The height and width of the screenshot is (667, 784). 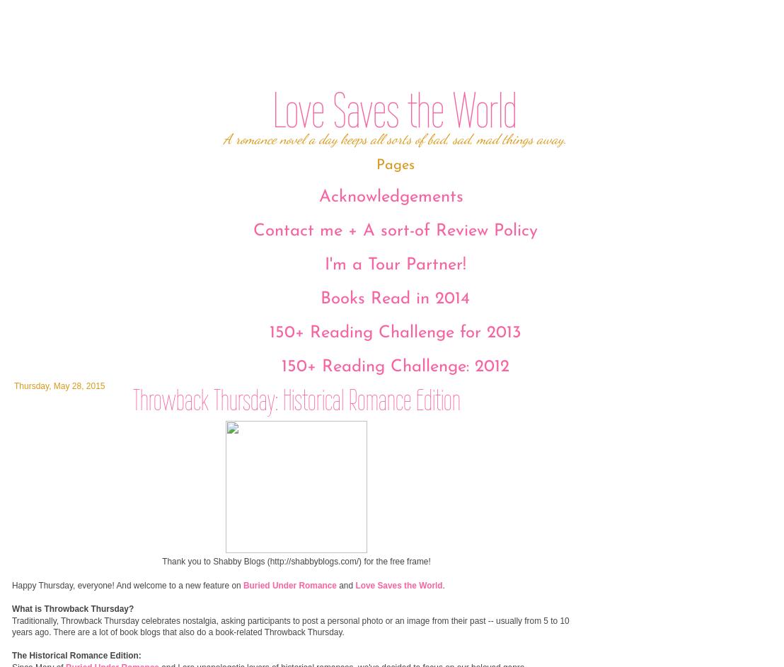 I want to click on 'What is Throwback Thursday?', so click(x=73, y=608).